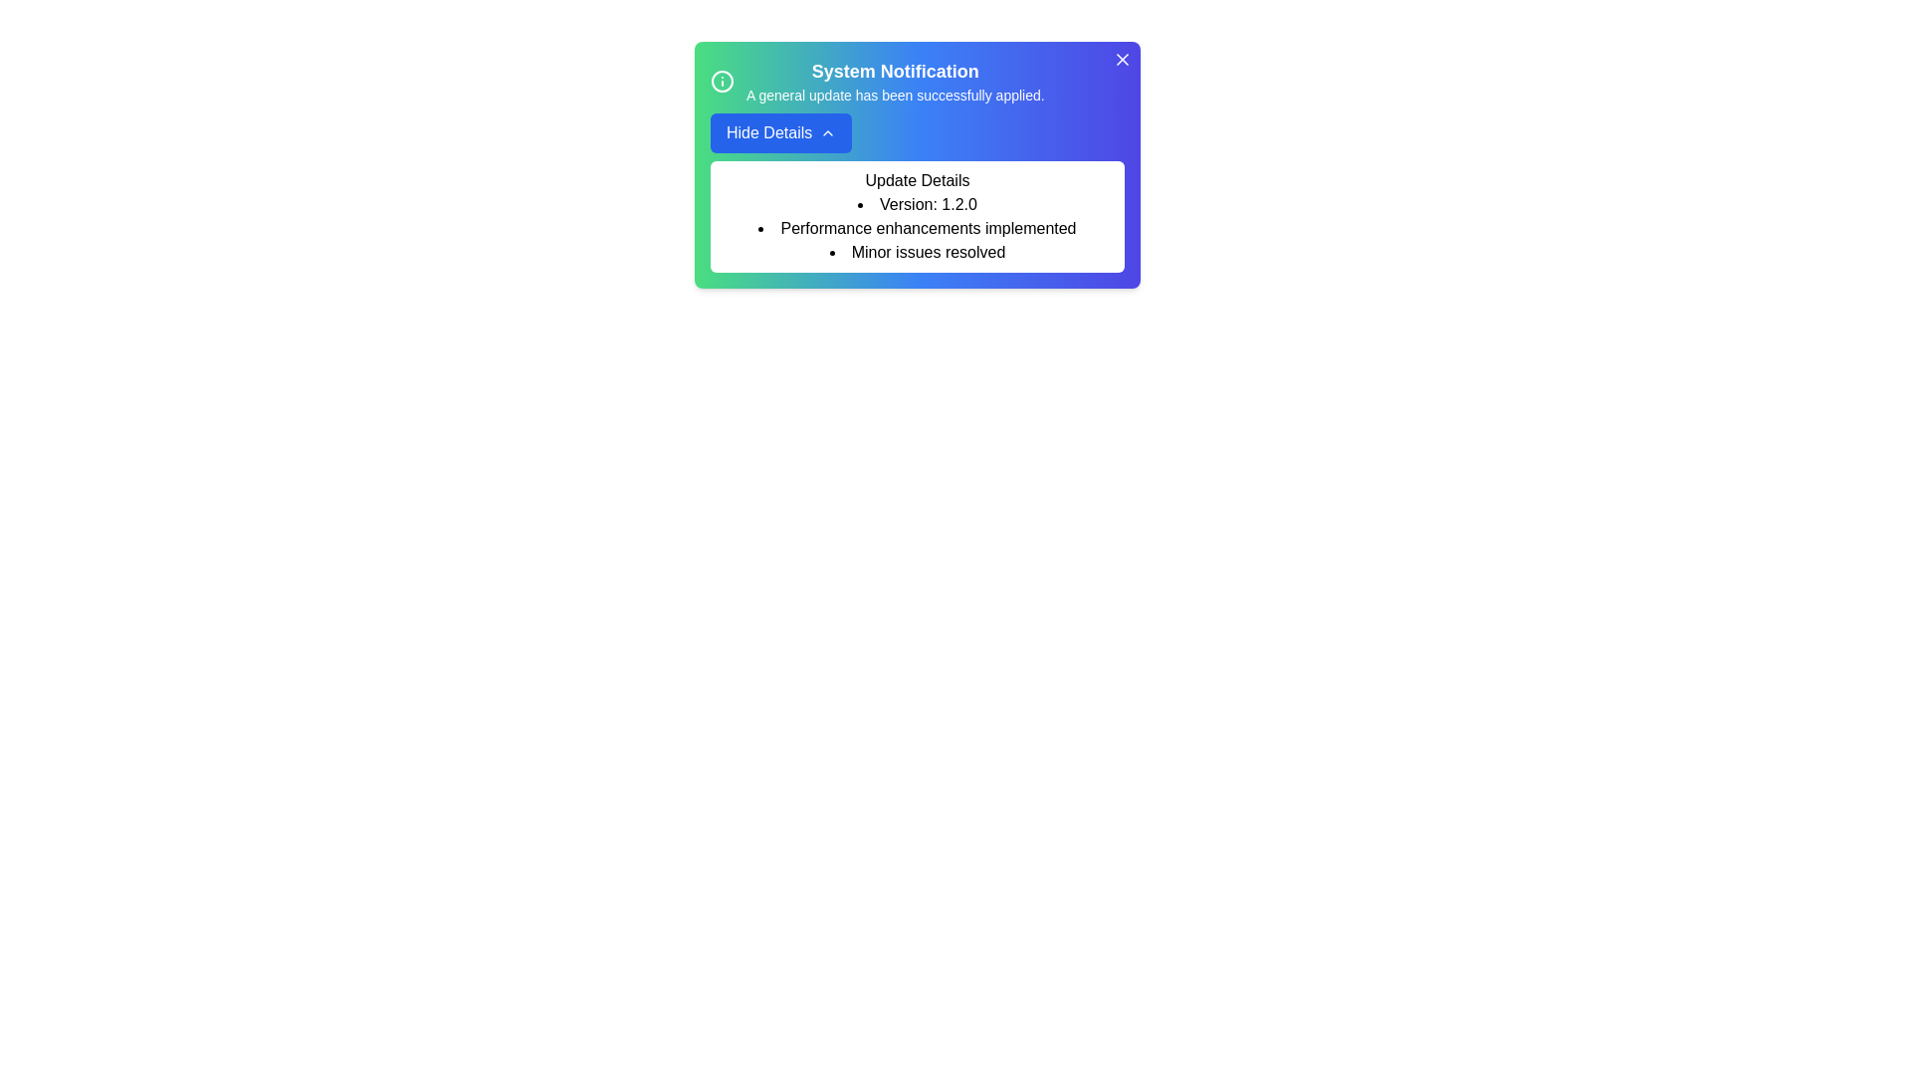 The height and width of the screenshot is (1075, 1911). Describe the element at coordinates (827, 133) in the screenshot. I see `the toggle_details icon to perform its associated action` at that location.